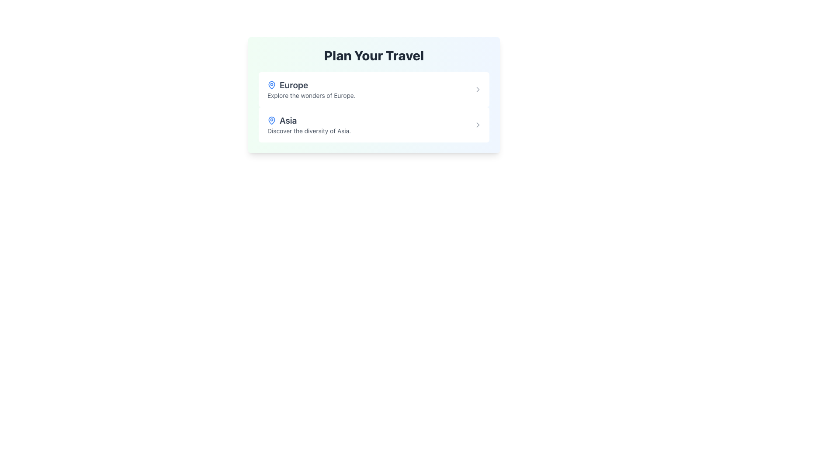 This screenshot has height=472, width=839. What do you see at coordinates (478, 125) in the screenshot?
I see `the icon located at the right end of the 'Asia' section` at bounding box center [478, 125].